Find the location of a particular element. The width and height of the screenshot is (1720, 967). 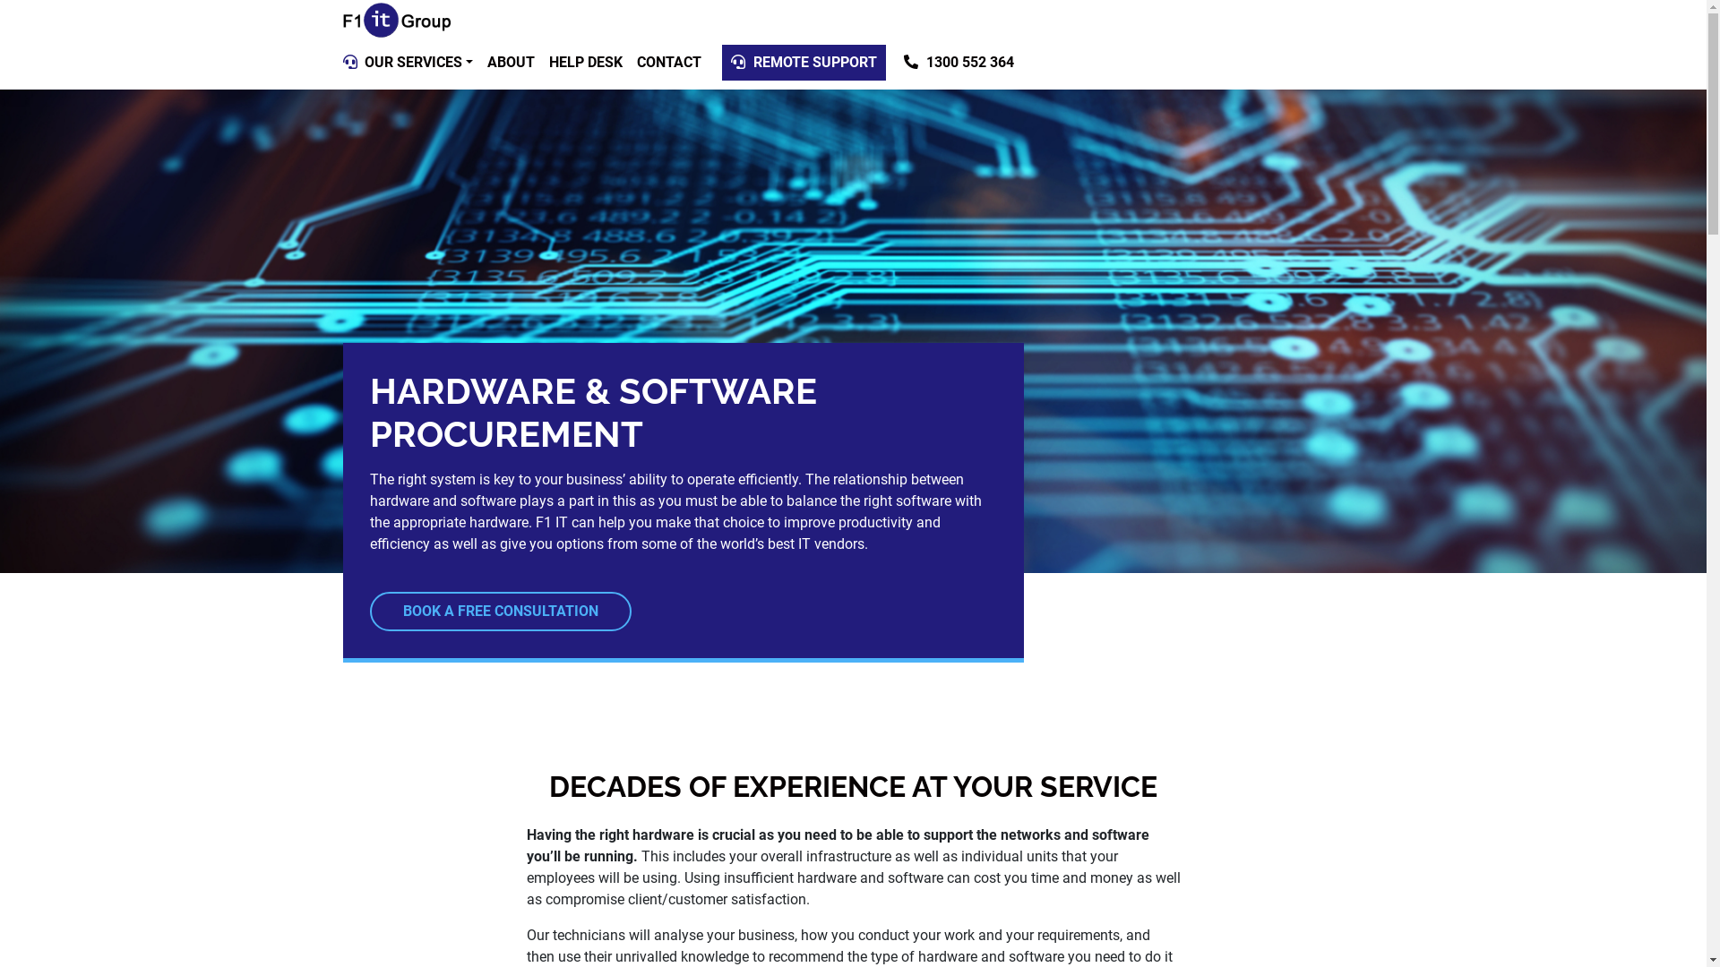

'CONTACT' is located at coordinates (668, 61).